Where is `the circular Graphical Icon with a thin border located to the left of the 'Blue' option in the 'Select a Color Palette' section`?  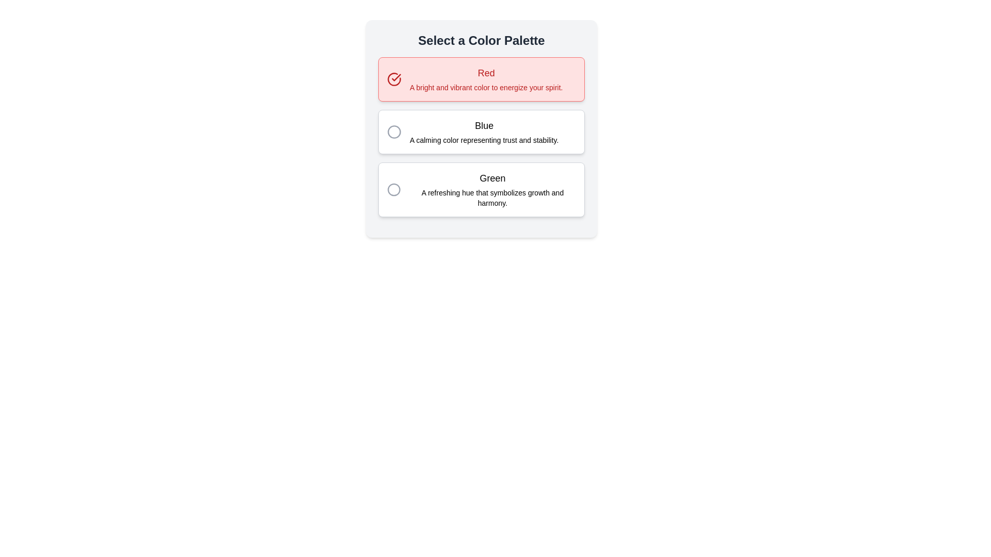 the circular Graphical Icon with a thin border located to the left of the 'Blue' option in the 'Select a Color Palette' section is located at coordinates (393, 131).